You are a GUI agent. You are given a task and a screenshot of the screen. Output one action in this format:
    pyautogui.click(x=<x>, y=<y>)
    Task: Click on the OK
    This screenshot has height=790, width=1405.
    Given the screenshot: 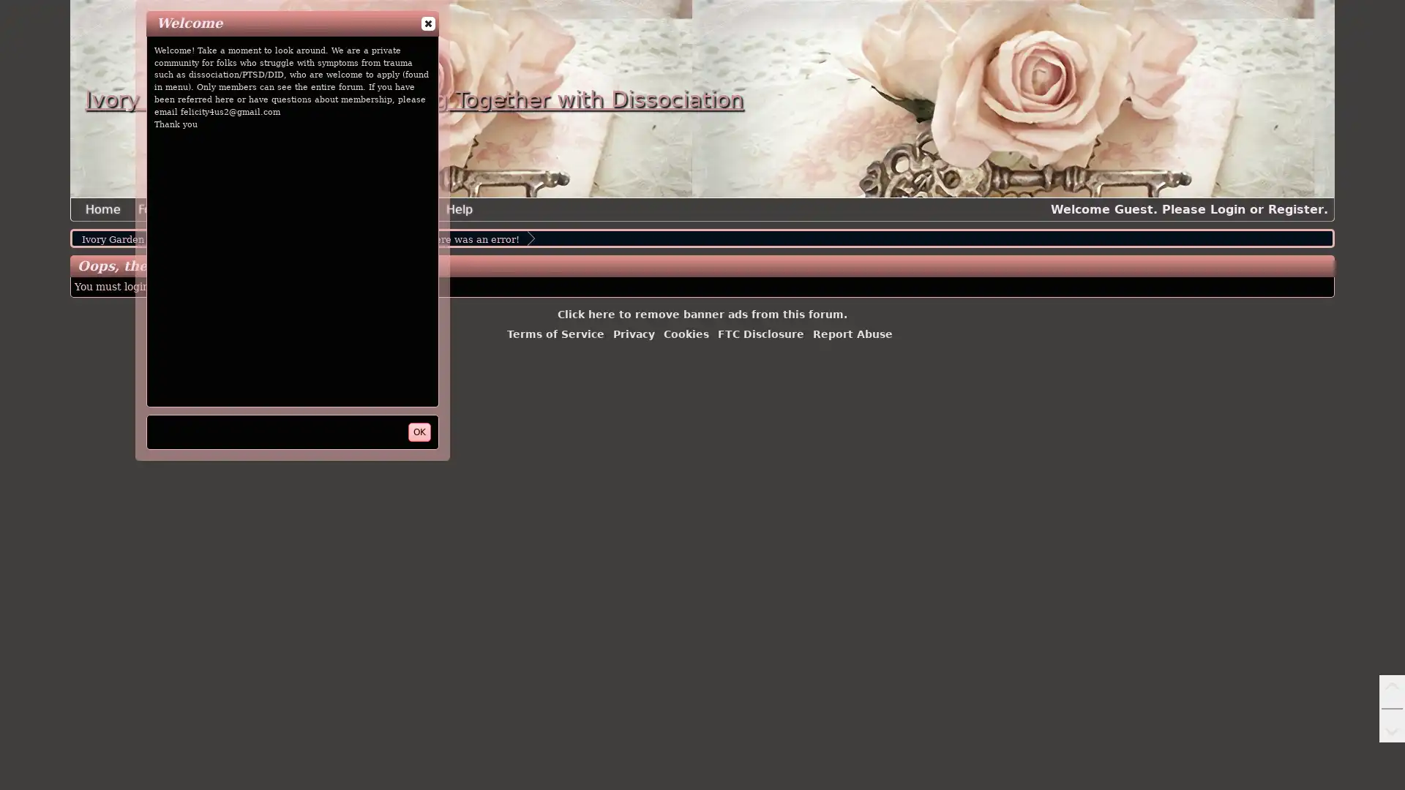 What is the action you would take?
    pyautogui.click(x=419, y=431)
    